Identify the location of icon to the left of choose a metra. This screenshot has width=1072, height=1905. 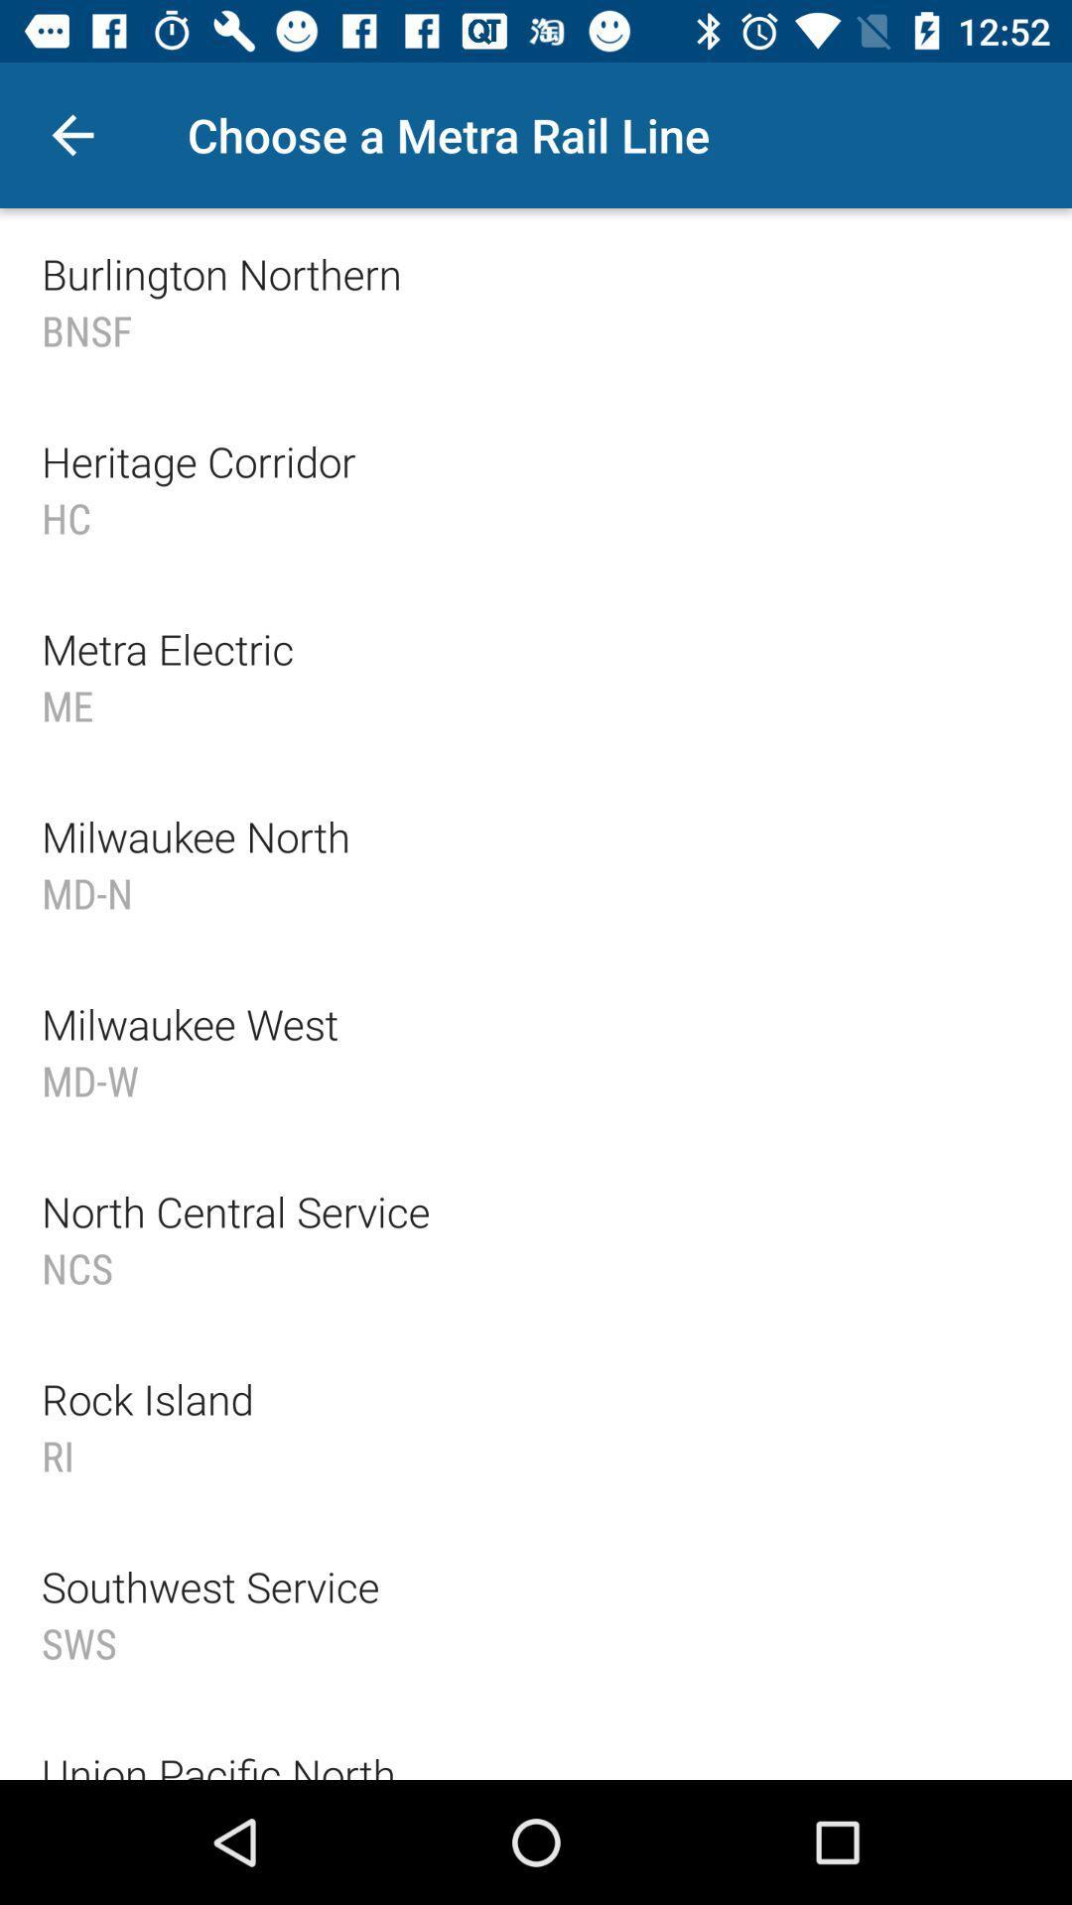
(71, 134).